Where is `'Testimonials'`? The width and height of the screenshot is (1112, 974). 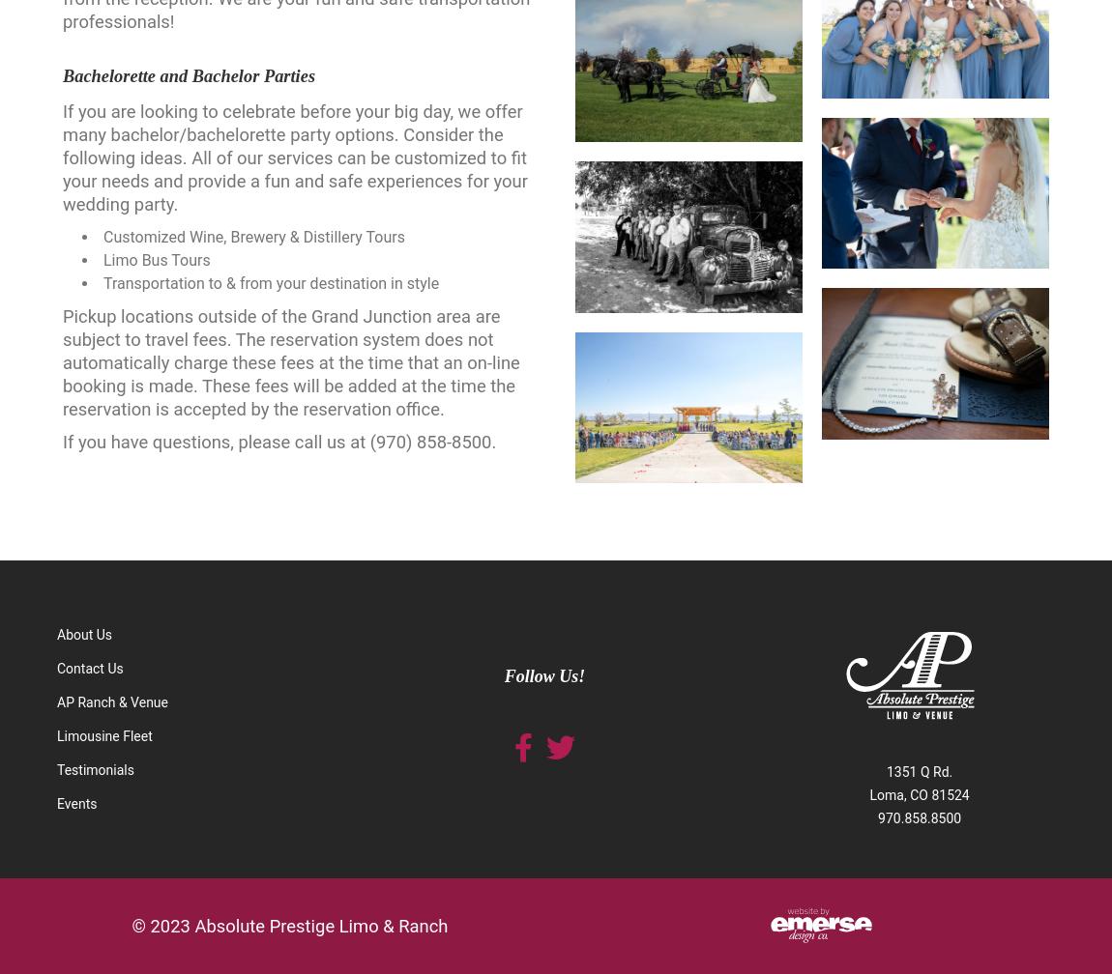 'Testimonials' is located at coordinates (94, 770).